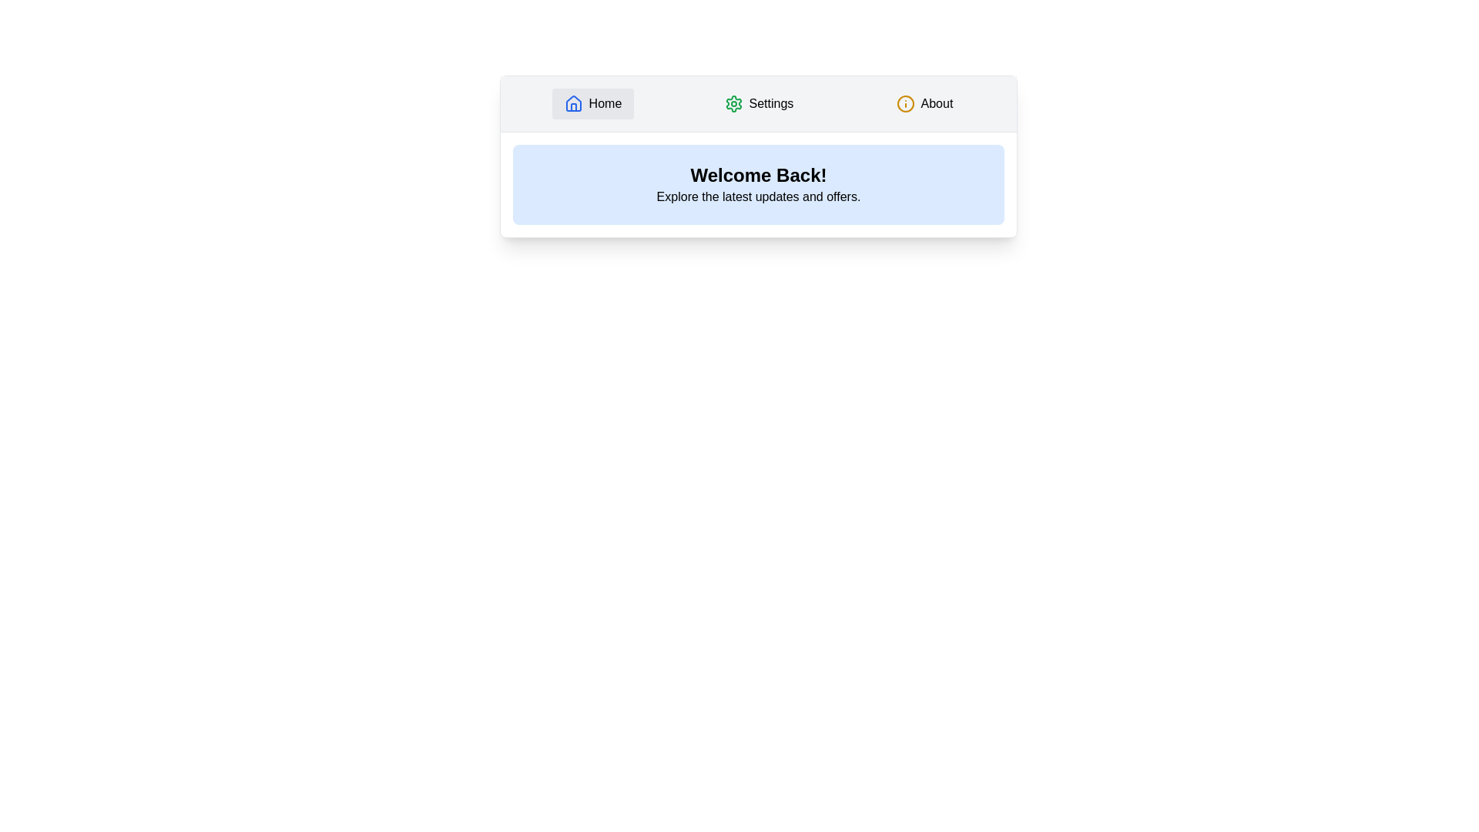 This screenshot has height=832, width=1479. Describe the element at coordinates (924, 104) in the screenshot. I see `the About tab to view its content` at that location.